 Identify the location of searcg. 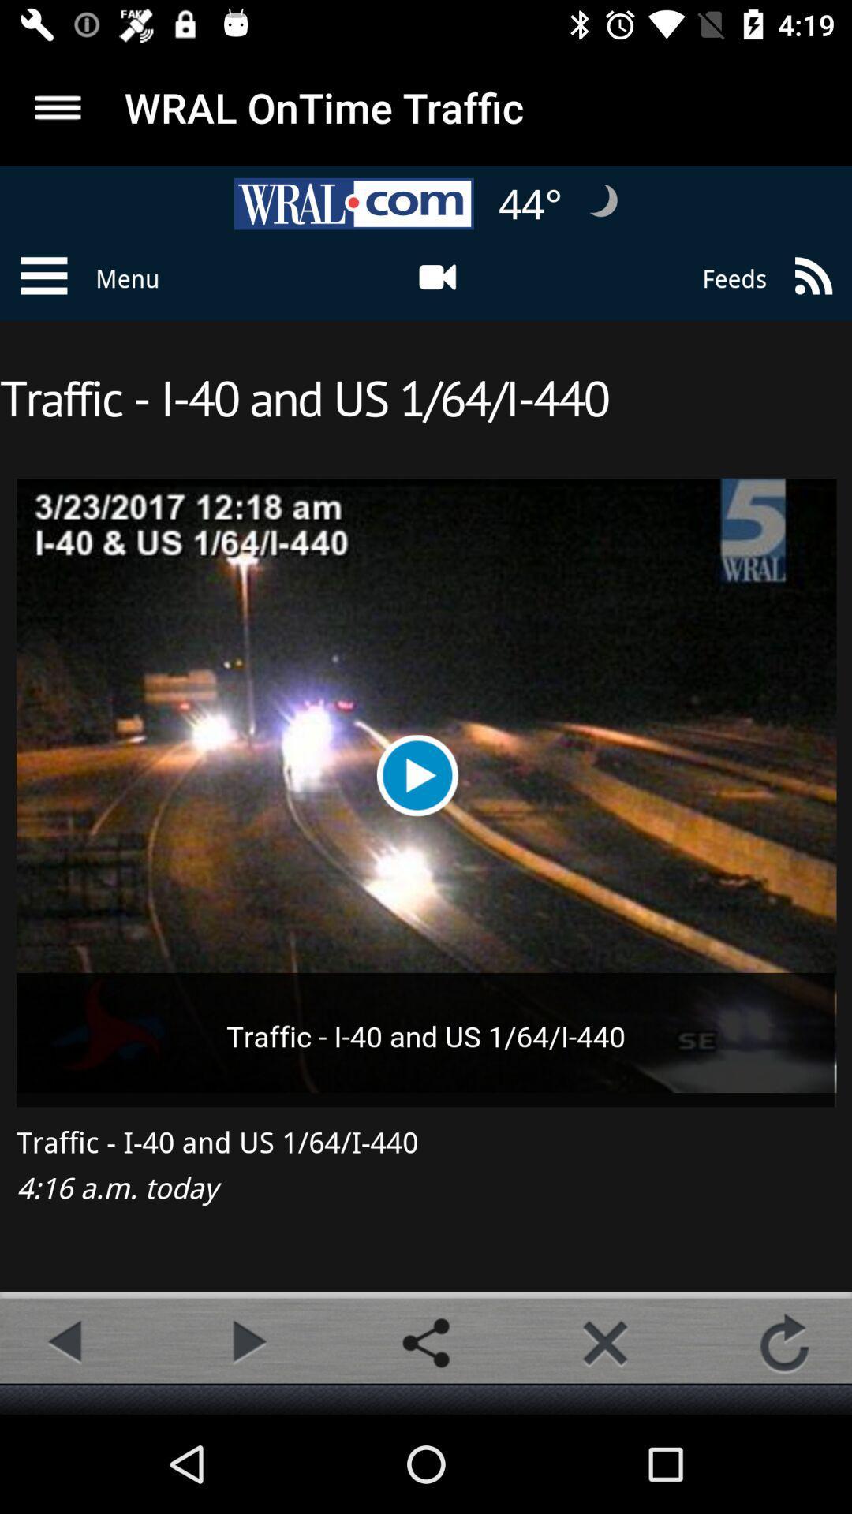
(57, 106).